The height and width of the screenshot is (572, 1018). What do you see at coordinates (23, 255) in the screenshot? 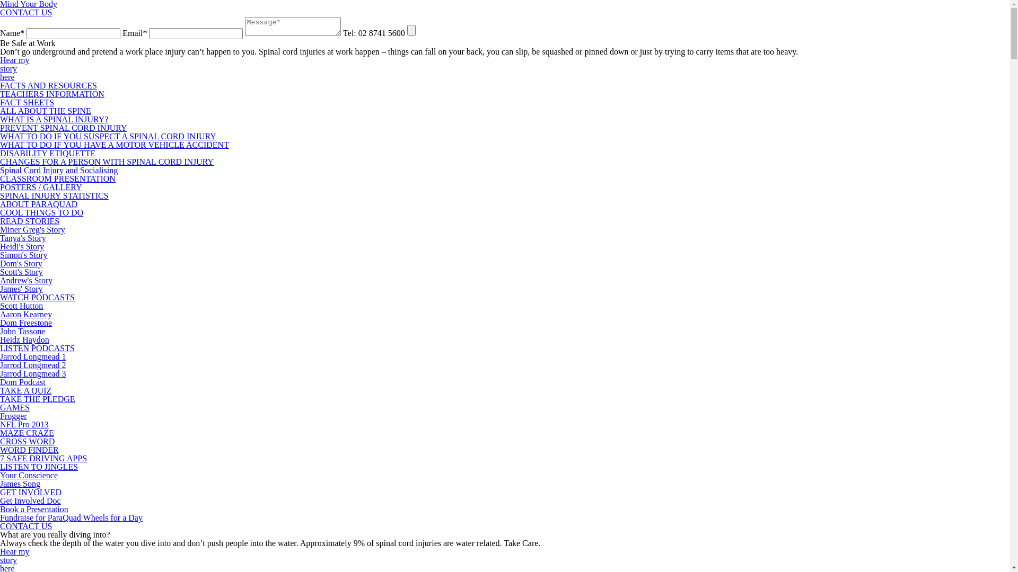
I see `'Simon's Story'` at bounding box center [23, 255].